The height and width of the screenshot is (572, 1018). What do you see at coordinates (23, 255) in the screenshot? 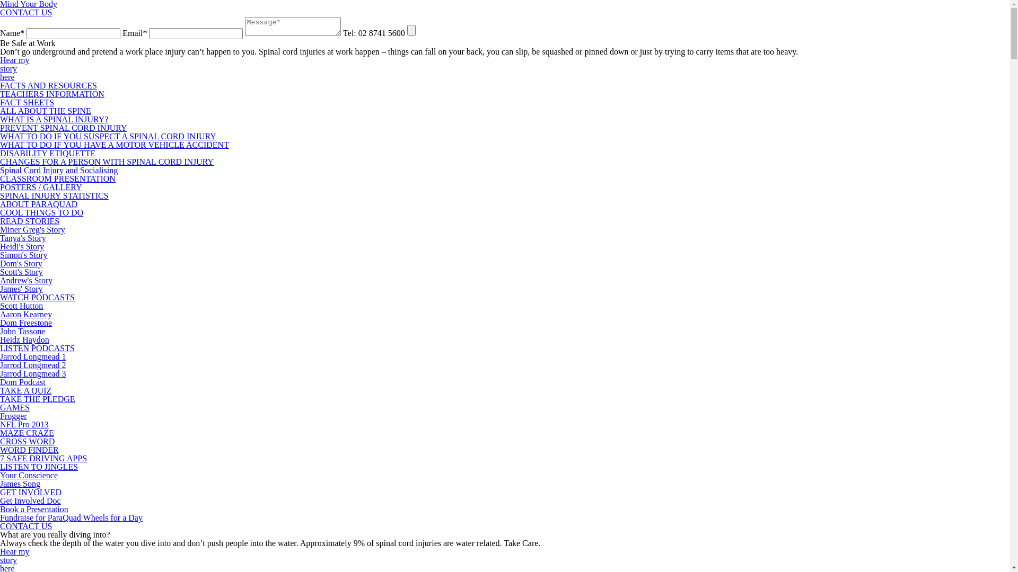
I see `'Simon's Story'` at bounding box center [23, 255].